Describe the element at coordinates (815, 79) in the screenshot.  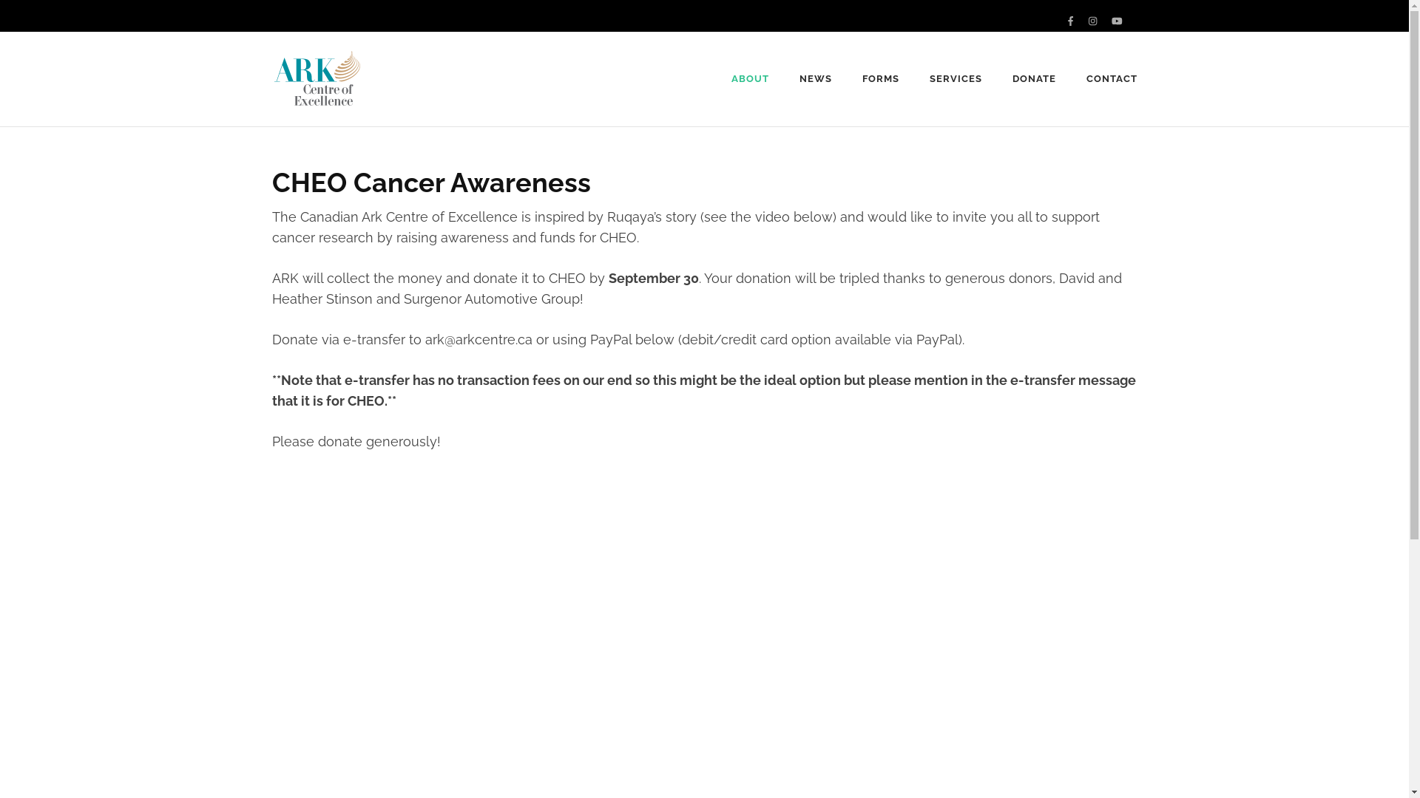
I see `'NEWS'` at that location.